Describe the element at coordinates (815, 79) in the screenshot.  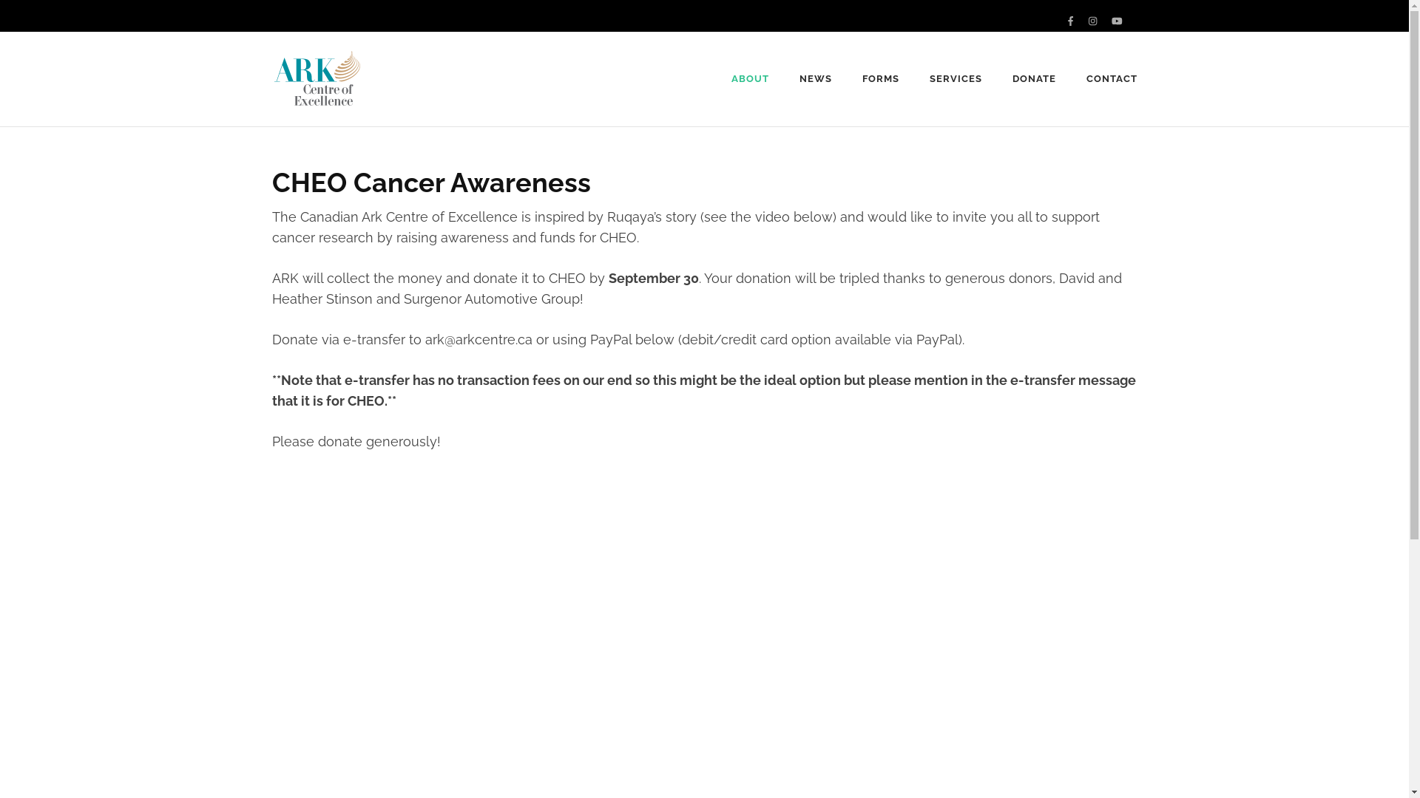
I see `'NEWS'` at that location.